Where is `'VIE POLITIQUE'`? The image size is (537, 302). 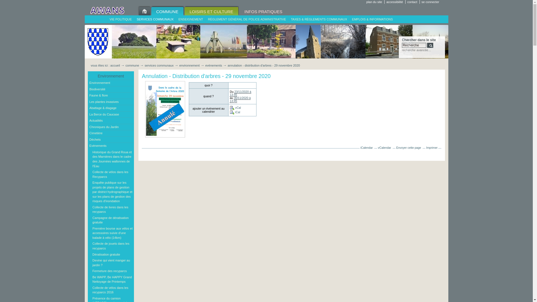 'VIE POLITIQUE' is located at coordinates (107, 19).